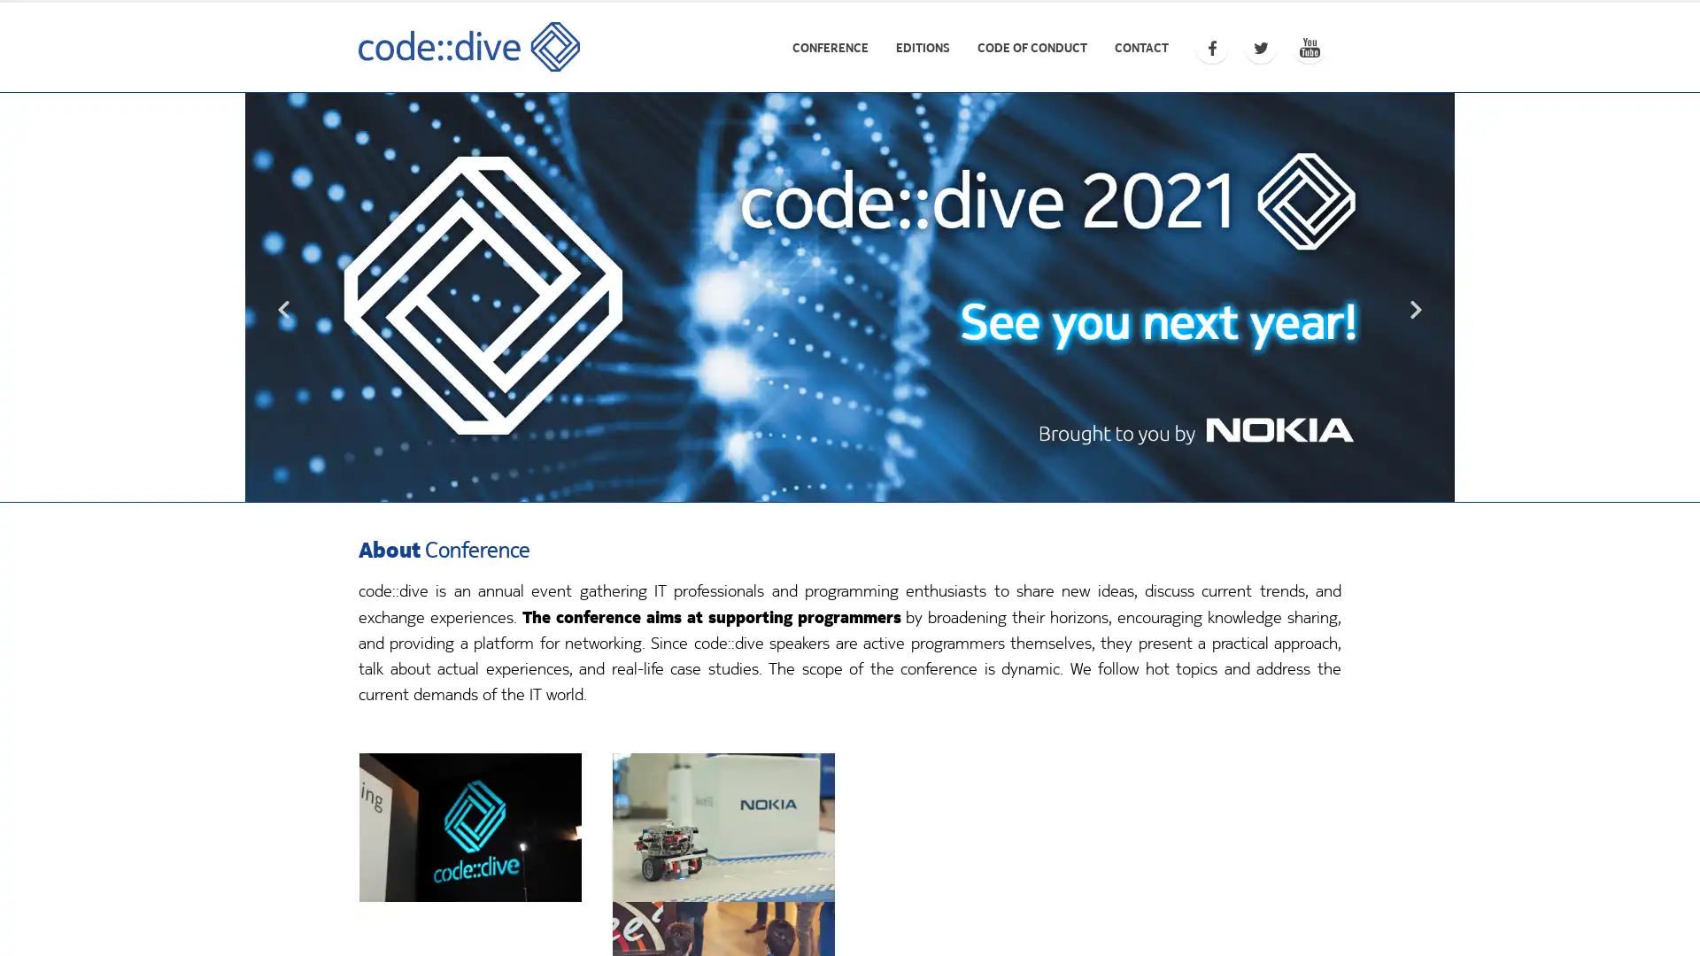 The width and height of the screenshot is (1700, 956). What do you see at coordinates (850, 483) in the screenshot?
I see `1` at bounding box center [850, 483].